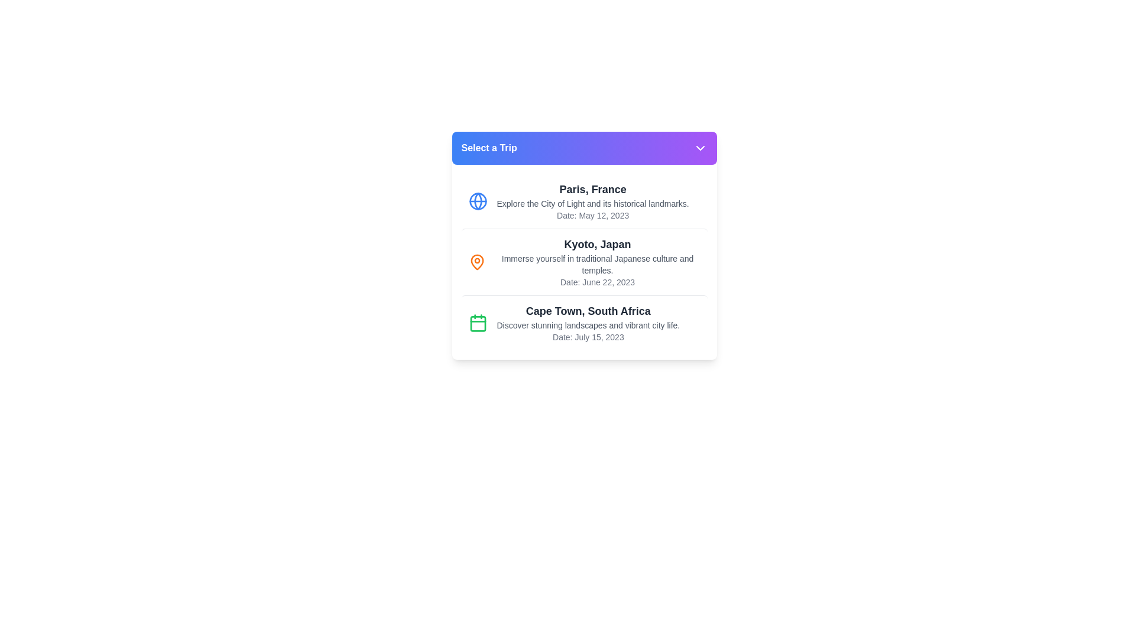  I want to click on text information from the InformationalCard titled 'Paris, France', which includes the description 'Explore the City of Light and its historical landmarks.' and the date 'Date: May 12, 2023', so click(584, 200).